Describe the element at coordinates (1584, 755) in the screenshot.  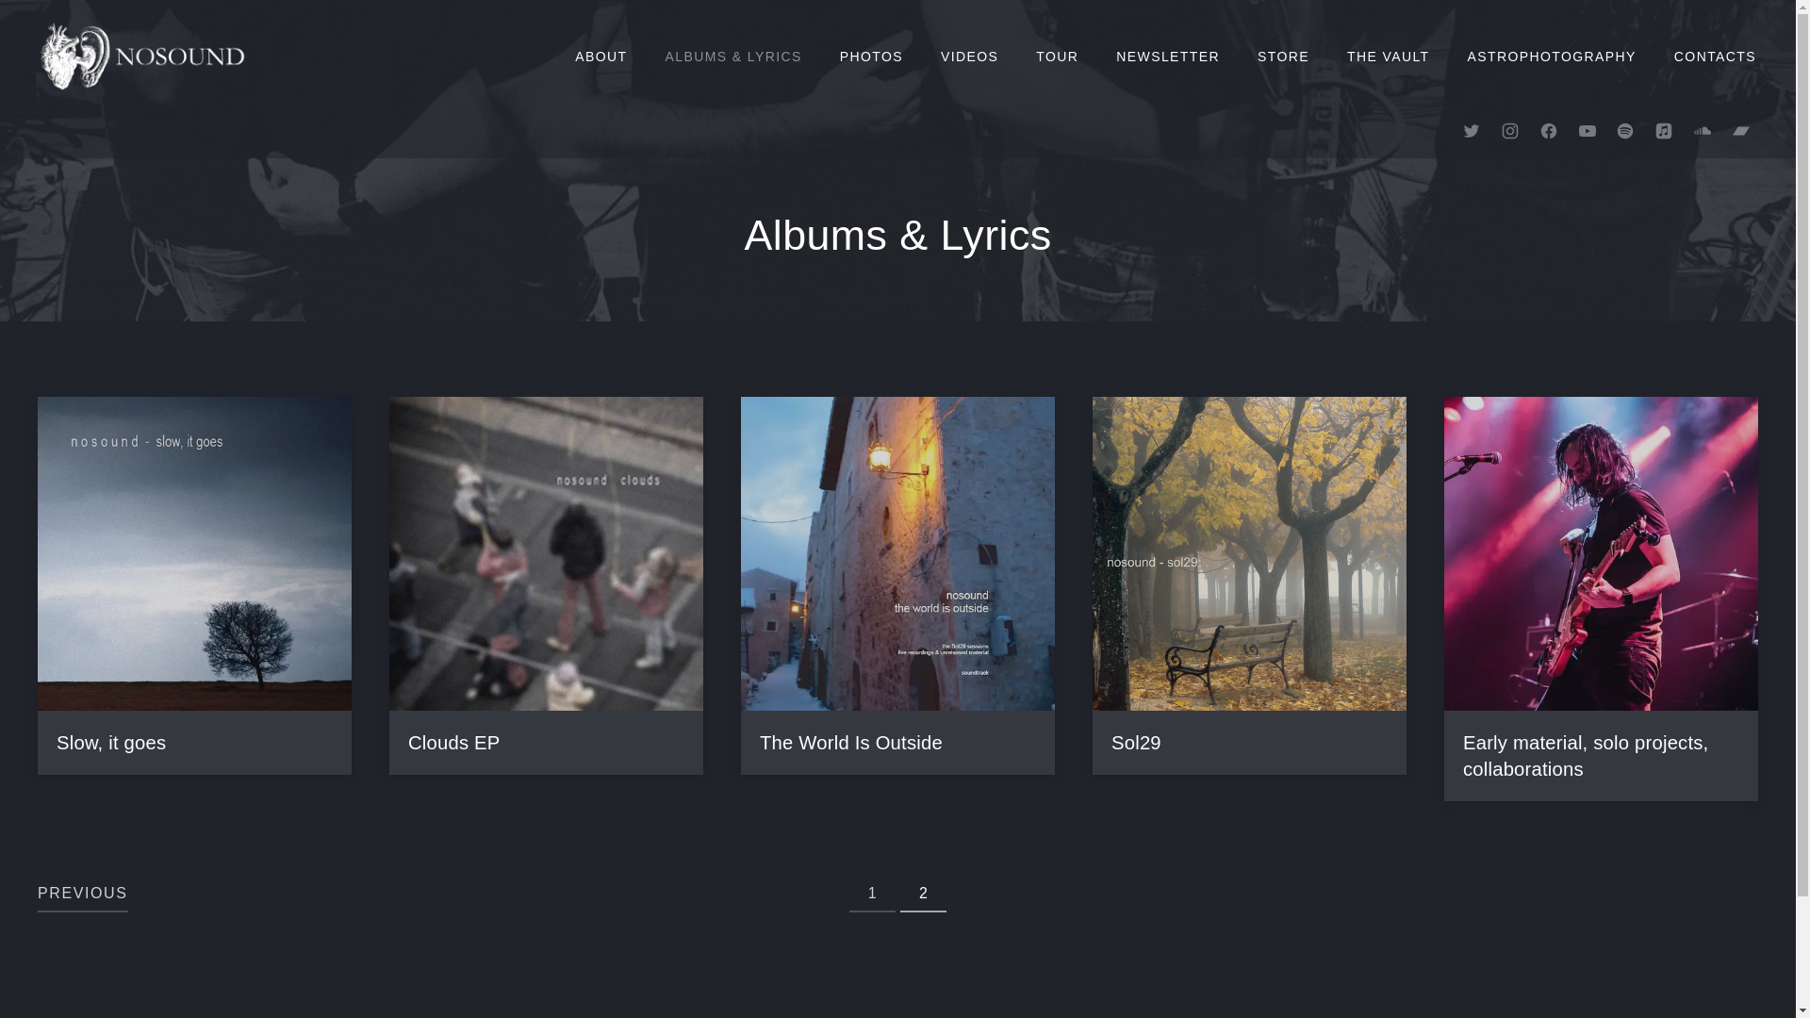
I see `'Early material, solo projects, collaborations'` at that location.